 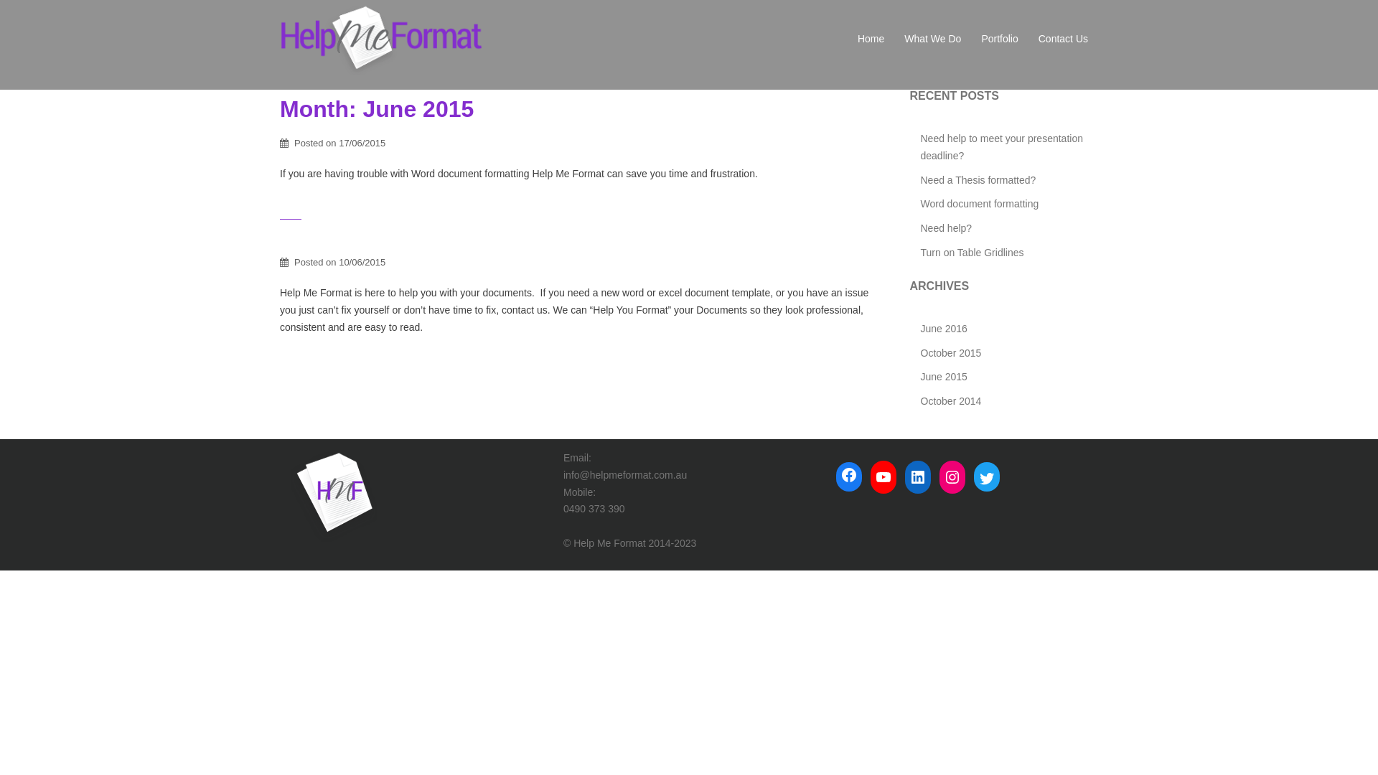 I want to click on 'Need a Thesis formatted?', so click(x=977, y=179).